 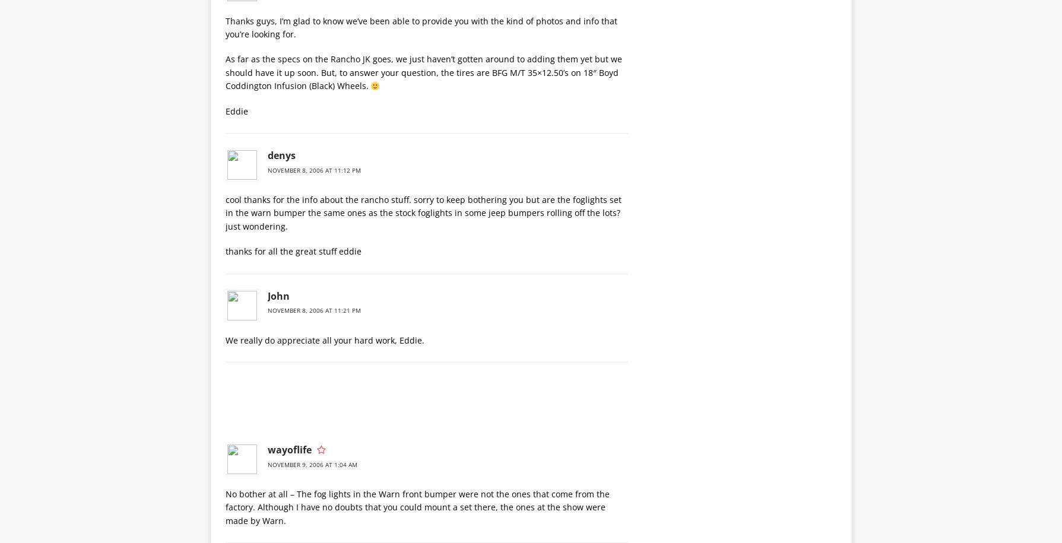 I want to click on 'We really do appreciate all your hard work, Eddie.', so click(x=224, y=339).